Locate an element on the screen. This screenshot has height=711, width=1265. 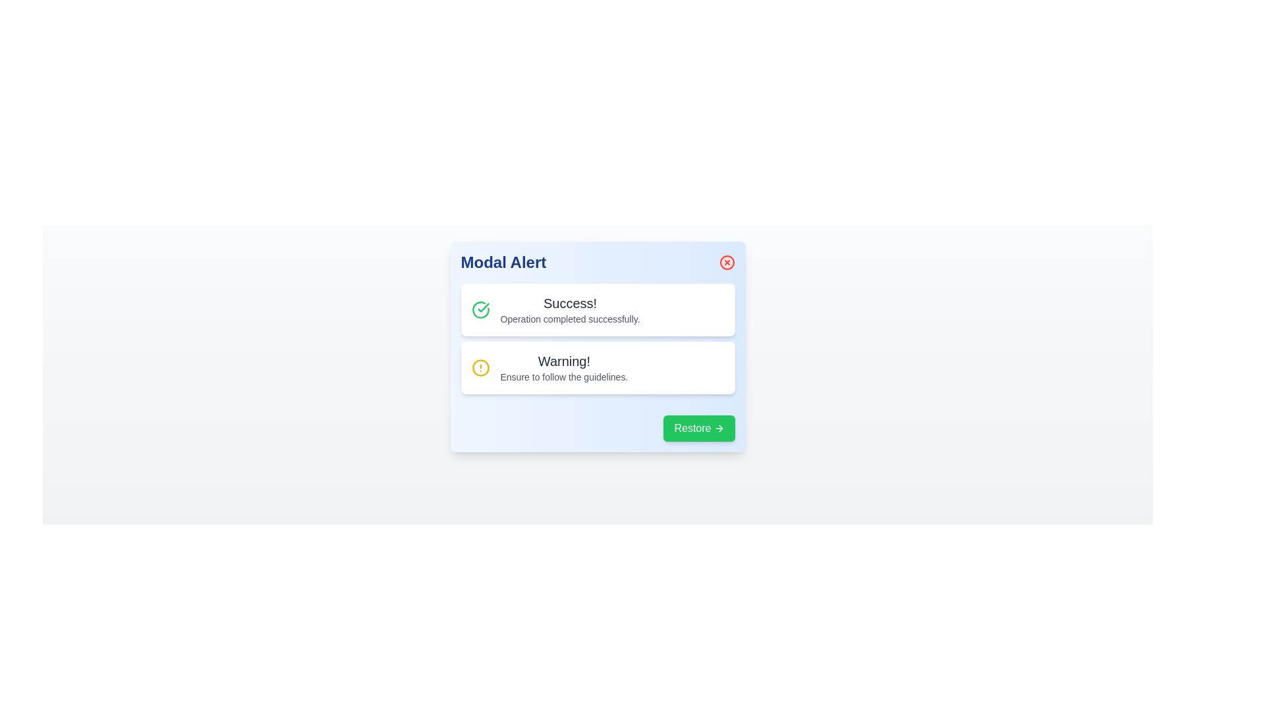
the right arrow icon located within the 'Restore' button at the bottom-right corner of the modal is located at coordinates (718, 429).